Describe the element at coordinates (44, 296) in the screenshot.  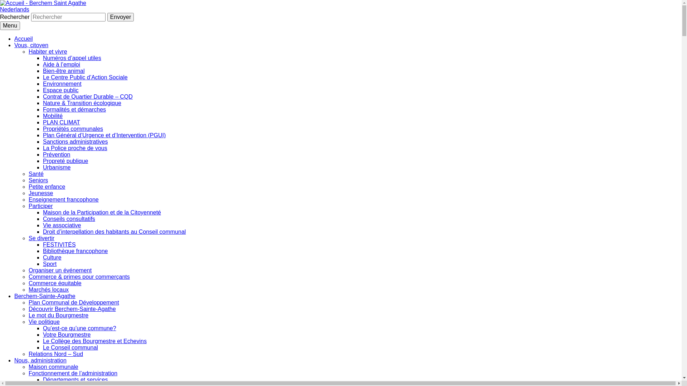
I see `'Berchem-Sainte-Agathe'` at that location.